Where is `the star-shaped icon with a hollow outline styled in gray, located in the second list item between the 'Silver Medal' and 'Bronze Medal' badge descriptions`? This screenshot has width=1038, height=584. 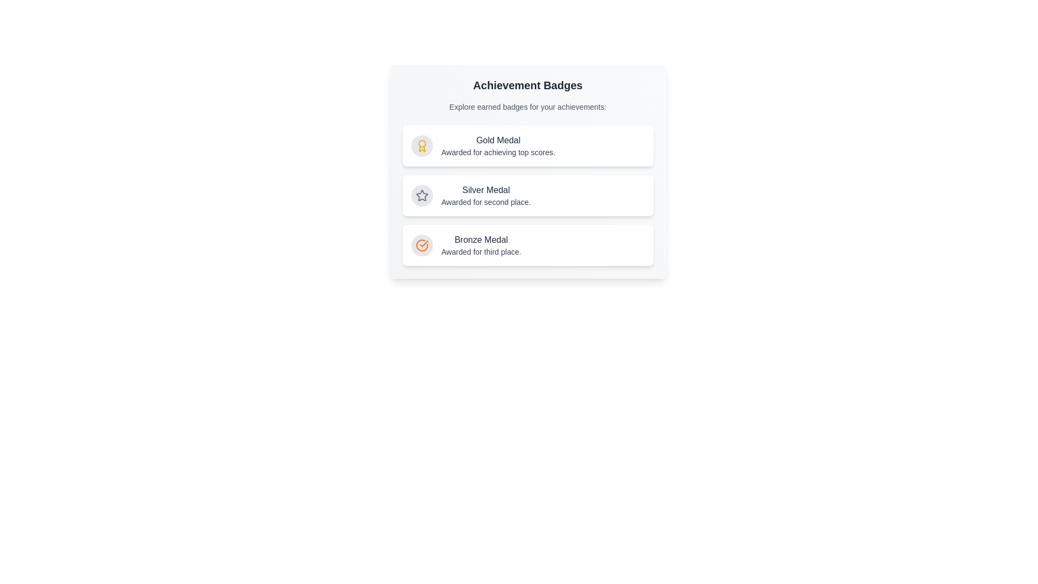
the star-shaped icon with a hollow outline styled in gray, located in the second list item between the 'Silver Medal' and 'Bronze Medal' badge descriptions is located at coordinates (421, 196).